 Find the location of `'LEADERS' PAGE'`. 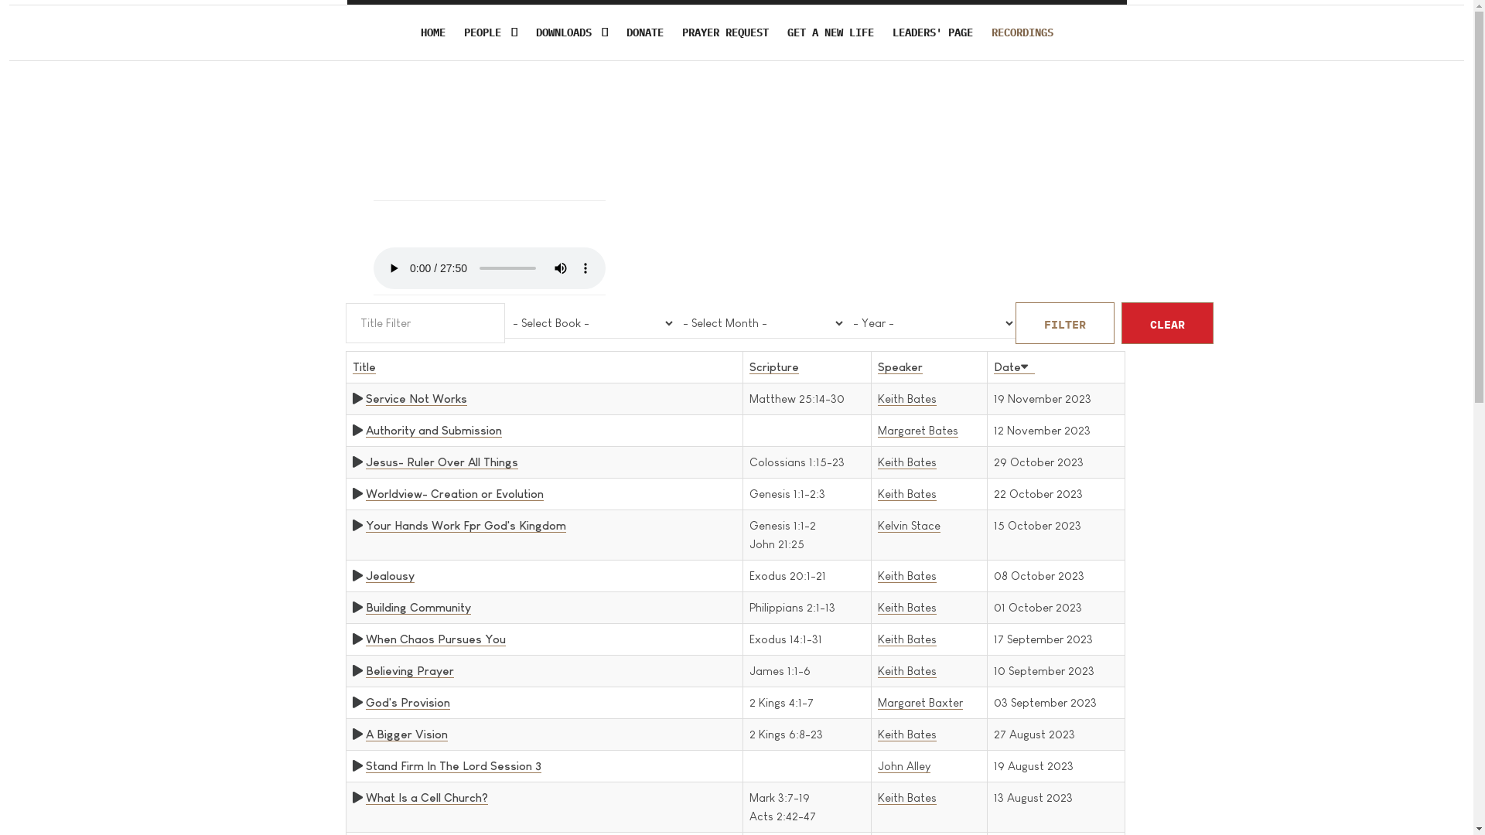

'LEADERS' PAGE' is located at coordinates (931, 32).